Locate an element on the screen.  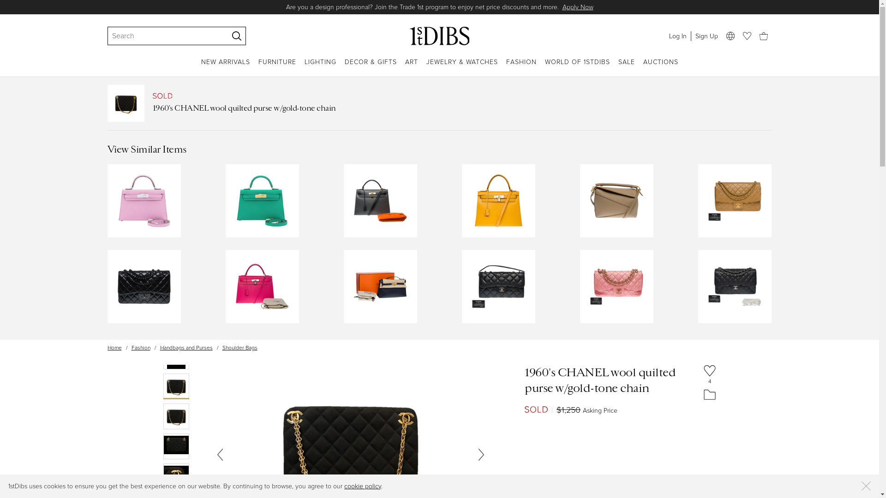
'ART' is located at coordinates (405, 66).